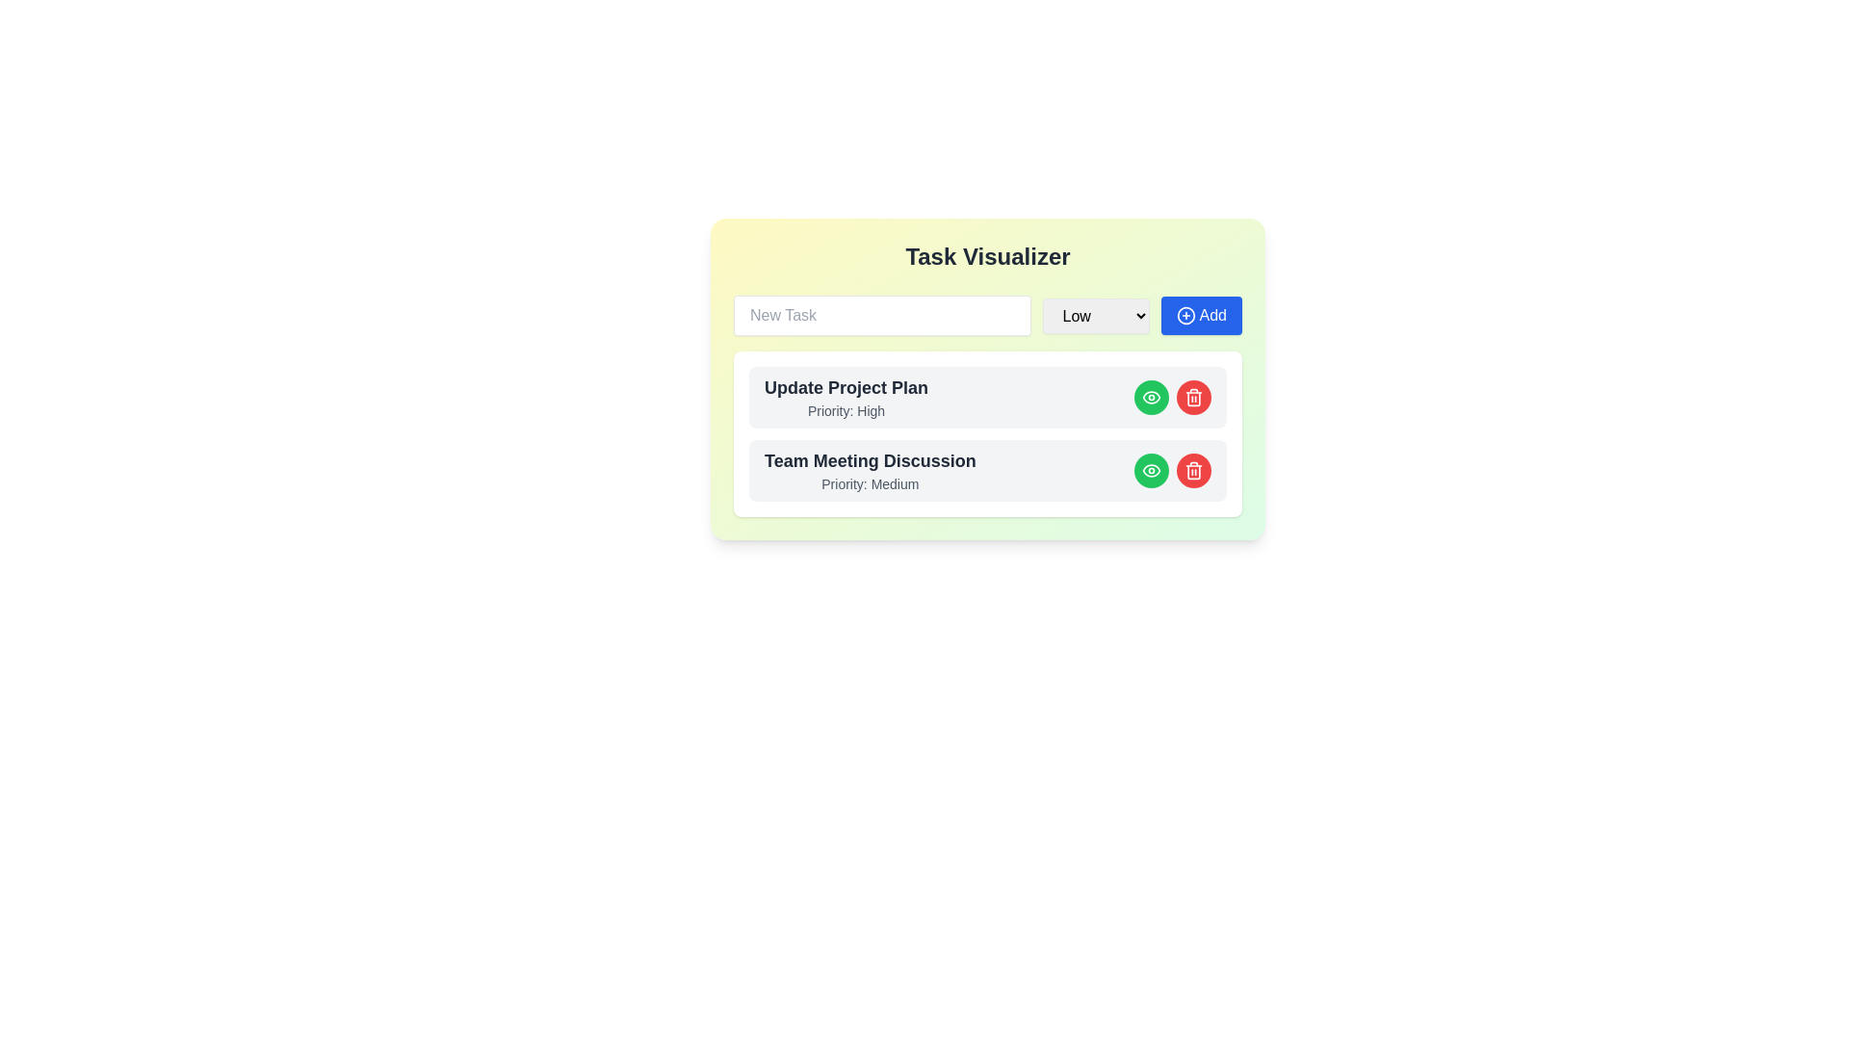  What do you see at coordinates (988, 314) in the screenshot?
I see `a task priority from the dropdown menu in the Interactive task entry section, which is composed of a text input box labeled 'New Task', a dropdown menu with options 'Low', 'Medium', 'High', and a blue 'Add' button` at bounding box center [988, 314].